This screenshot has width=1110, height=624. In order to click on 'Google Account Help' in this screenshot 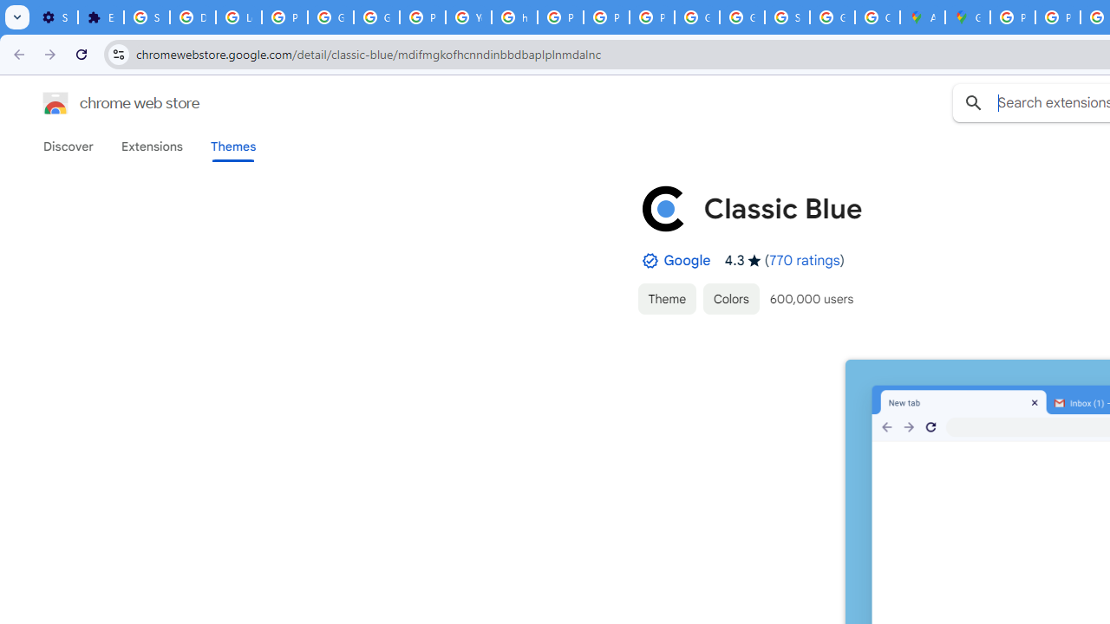, I will do `click(330, 17)`.